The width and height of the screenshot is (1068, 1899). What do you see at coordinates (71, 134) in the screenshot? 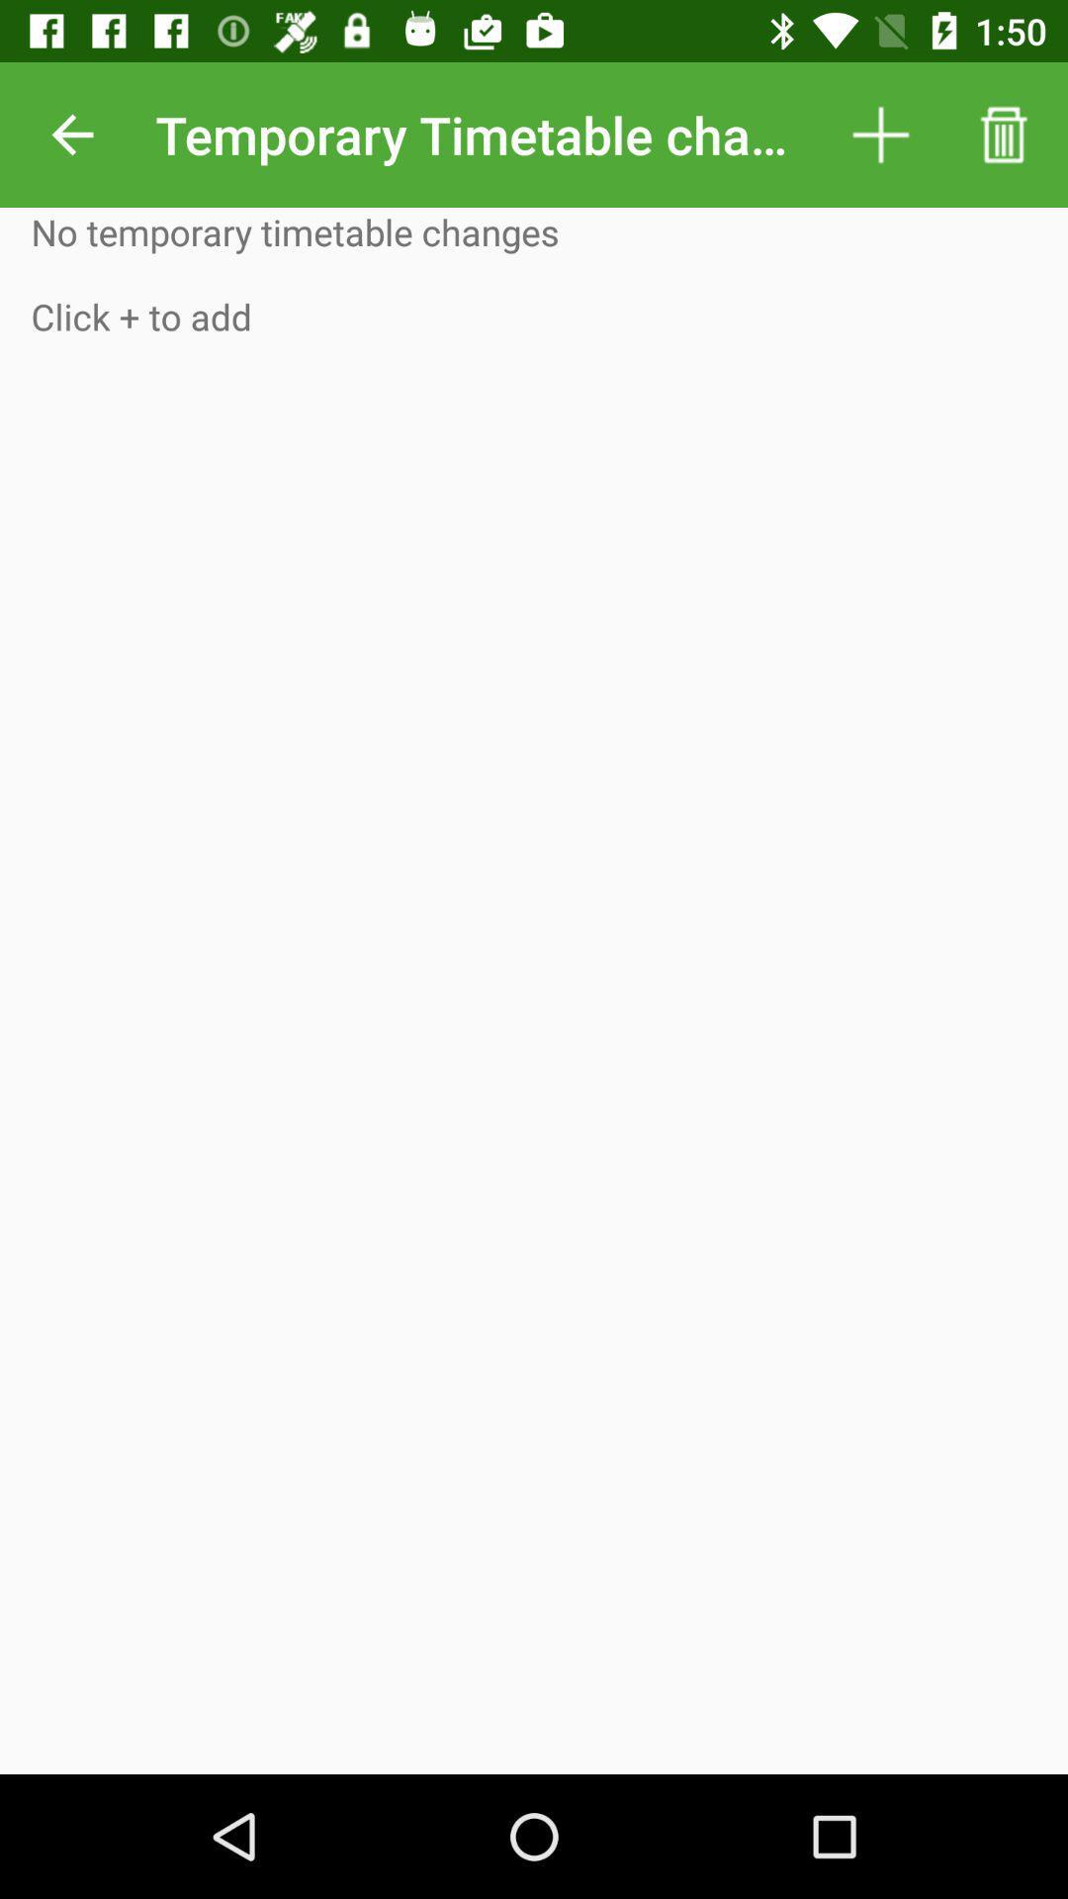
I see `icon next to temporary timetable changes item` at bounding box center [71, 134].